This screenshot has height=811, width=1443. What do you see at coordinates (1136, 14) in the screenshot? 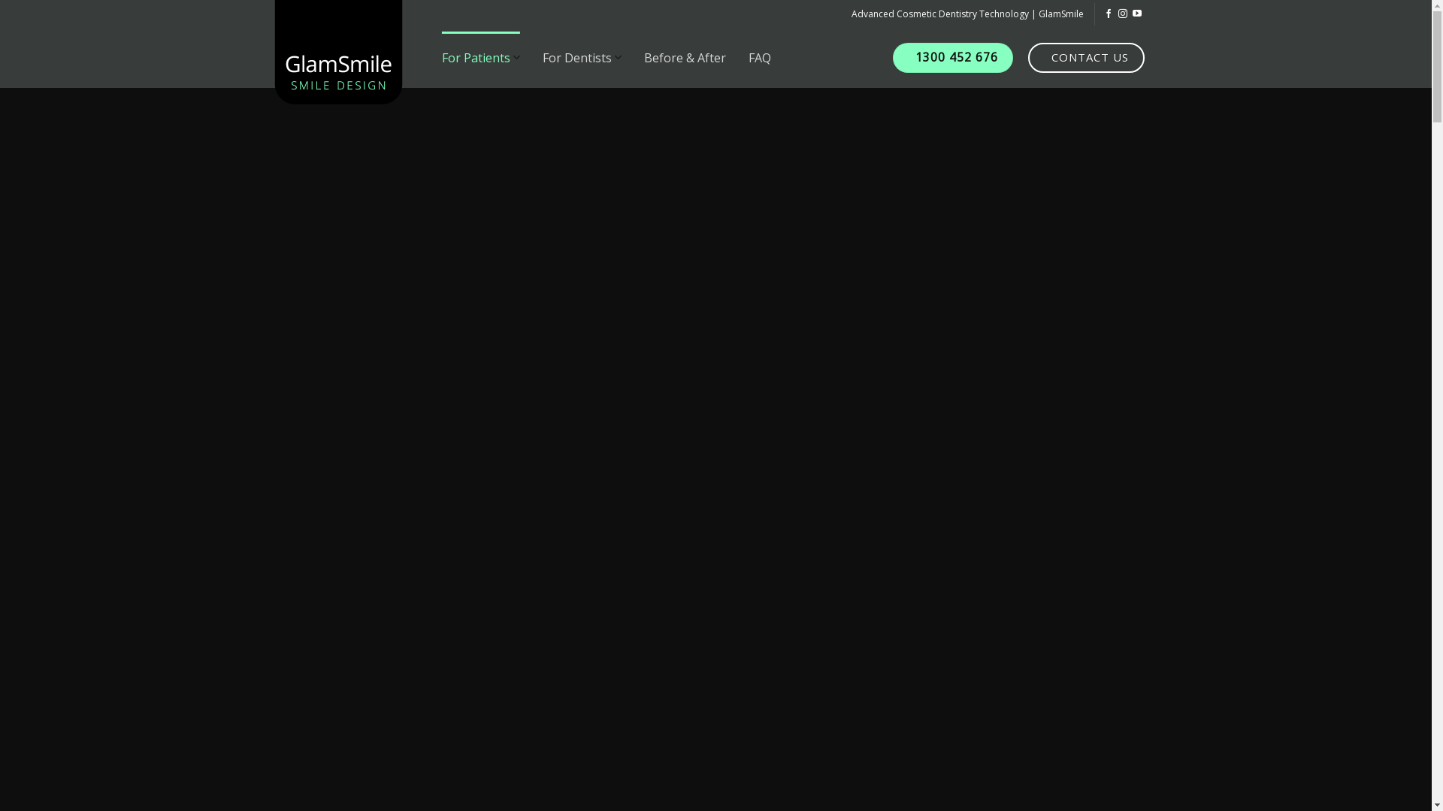
I see `'Follow on YouTube'` at bounding box center [1136, 14].